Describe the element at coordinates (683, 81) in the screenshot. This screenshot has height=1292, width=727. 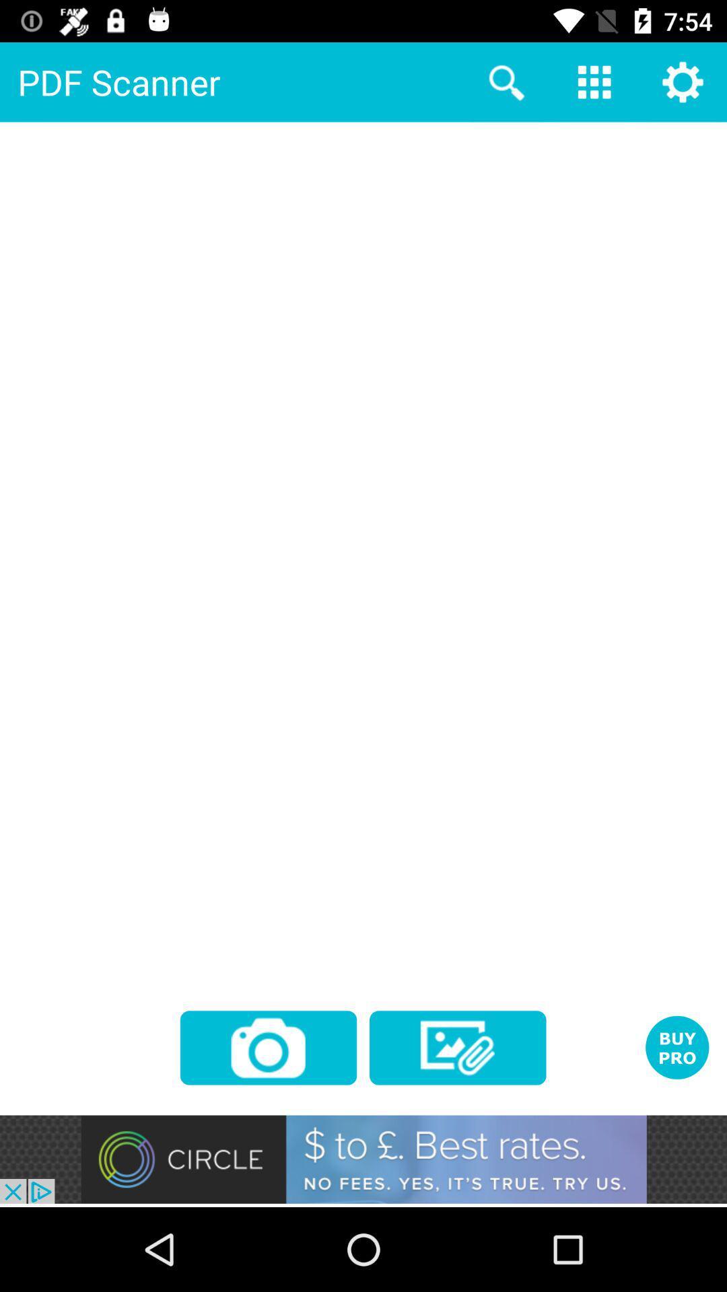
I see `the settings icon` at that location.